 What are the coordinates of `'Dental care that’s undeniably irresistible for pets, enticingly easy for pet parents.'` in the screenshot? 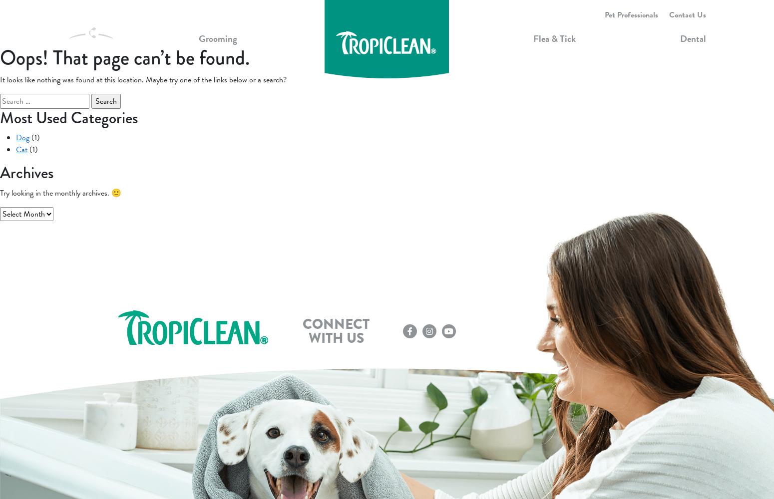 It's located at (493, 152).